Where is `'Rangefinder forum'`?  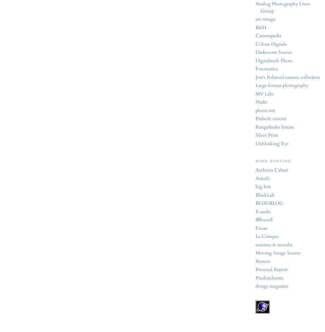 'Rangefinder forum' is located at coordinates (275, 126).